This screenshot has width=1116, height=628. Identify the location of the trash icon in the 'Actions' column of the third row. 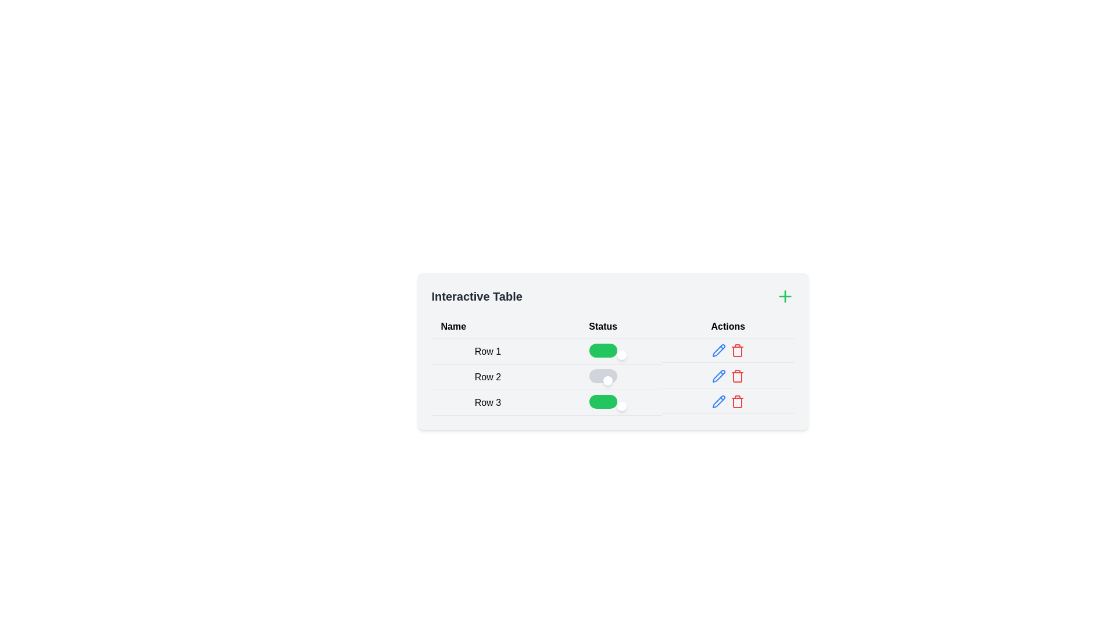
(736, 376).